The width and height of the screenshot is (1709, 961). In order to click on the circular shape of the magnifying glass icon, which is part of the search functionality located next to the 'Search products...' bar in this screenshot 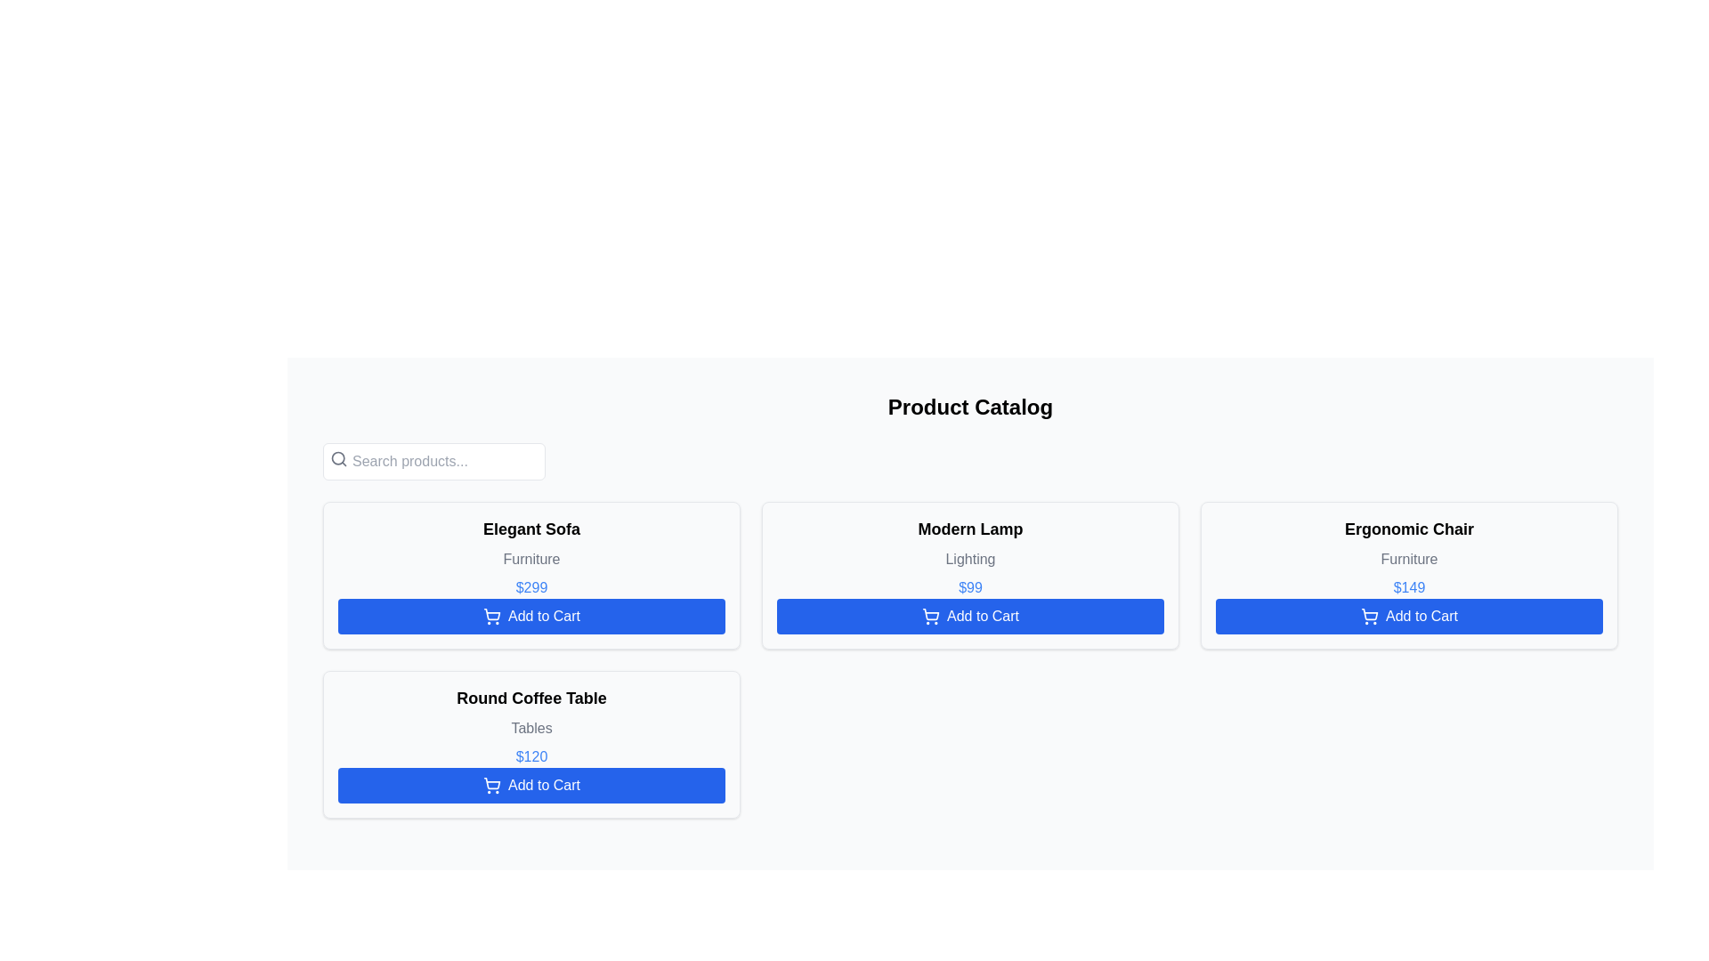, I will do `click(338, 457)`.